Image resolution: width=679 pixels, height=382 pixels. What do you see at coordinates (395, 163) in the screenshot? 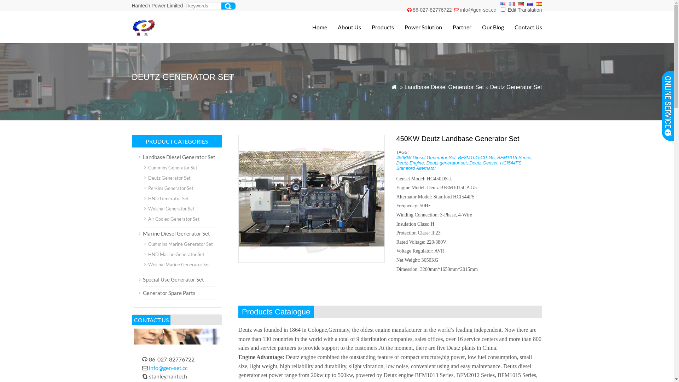
I see `'Deutz Engine'` at bounding box center [395, 163].